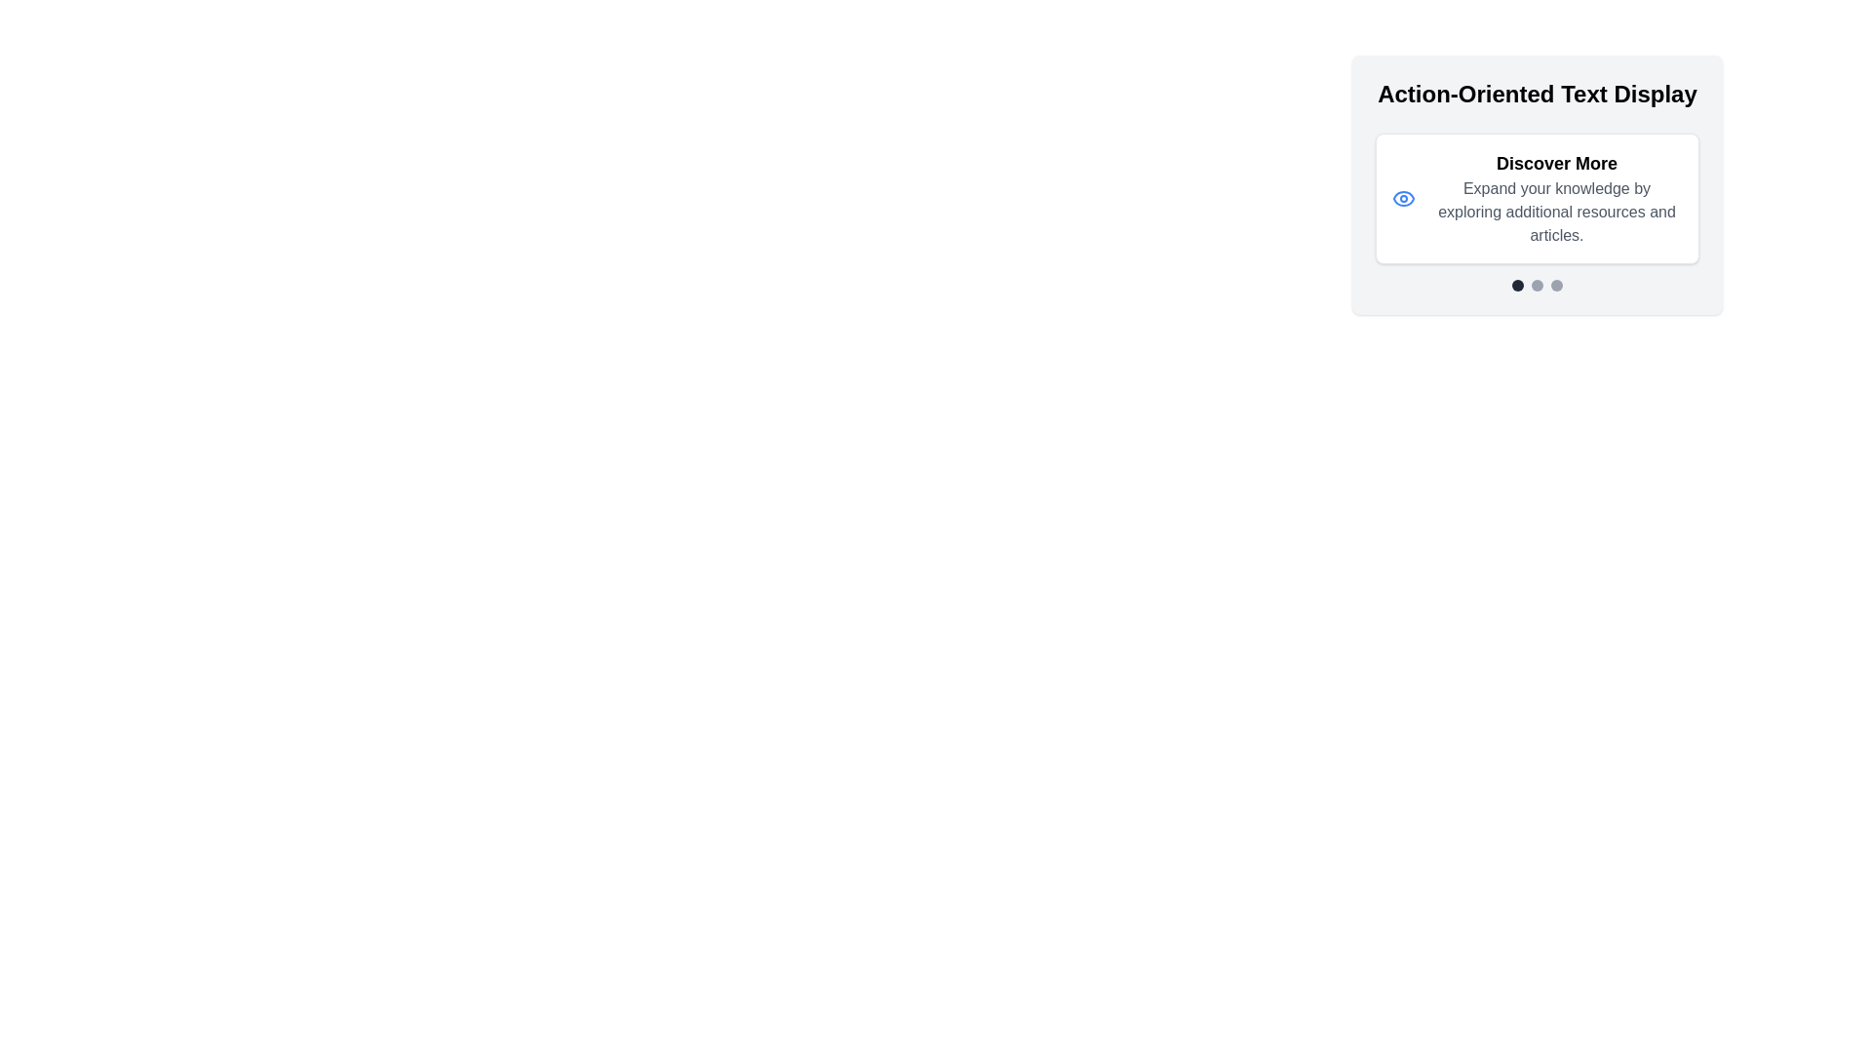 This screenshot has width=1872, height=1053. I want to click on the pagination circles at the bottom of the 'Action-Oriented Text Display' card to understand the current state or step, so click(1537, 286).